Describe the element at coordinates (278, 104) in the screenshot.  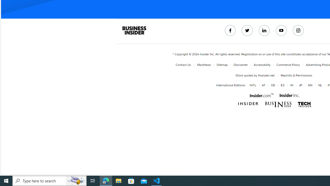
I see `'Business Insider DE Logo'` at that location.